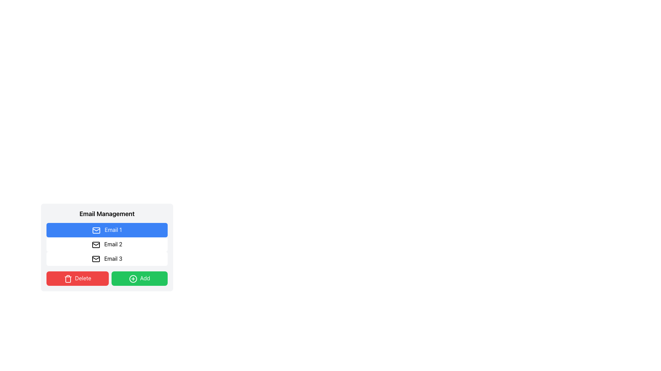 The width and height of the screenshot is (661, 371). I want to click on the second button from the left in the bottom button arrangement for adding new items, located next to the red 'Delete' button, so click(139, 279).